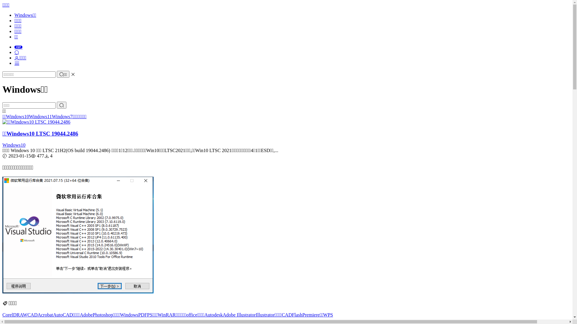 This screenshot has width=577, height=324. I want to click on 'Flash', so click(297, 314).